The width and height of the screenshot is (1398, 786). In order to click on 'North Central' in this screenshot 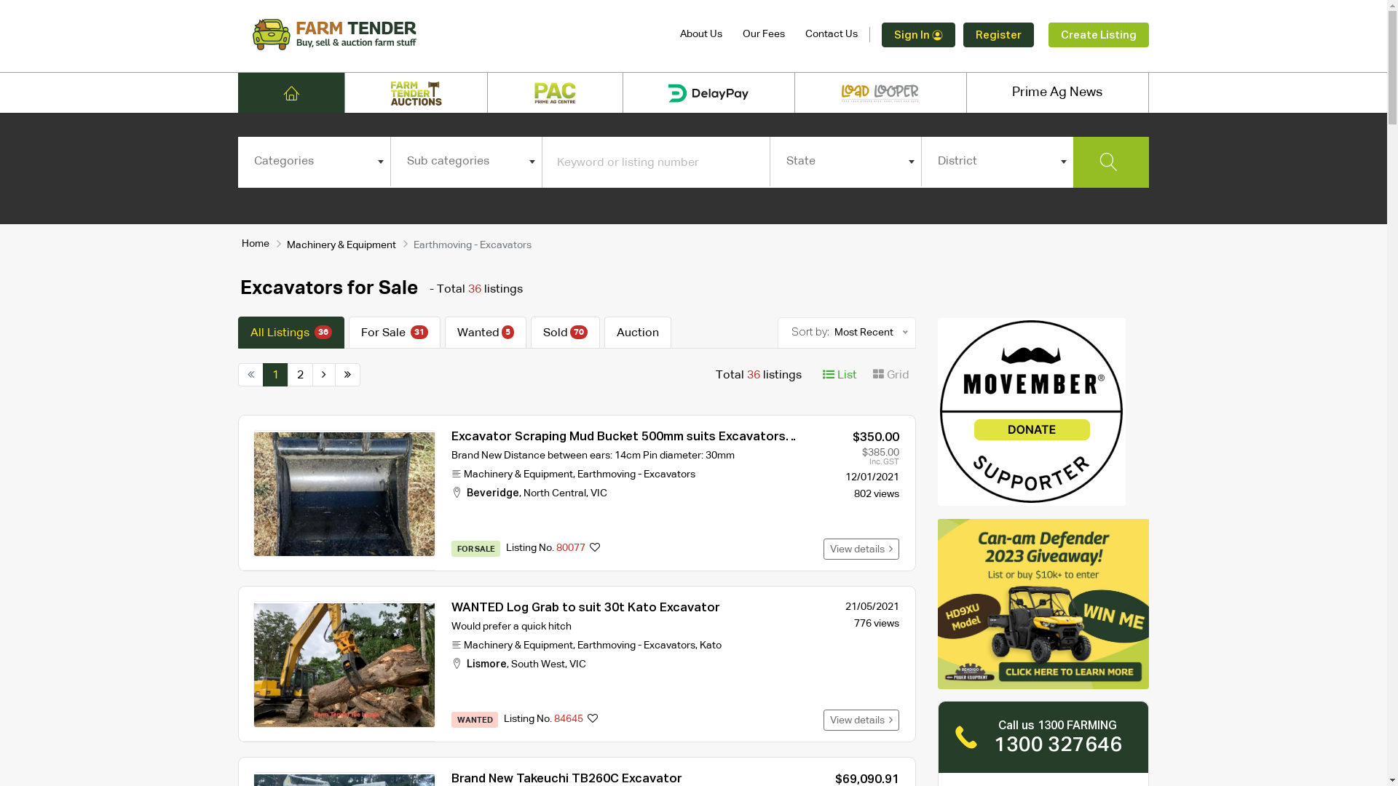, I will do `click(554, 493)`.